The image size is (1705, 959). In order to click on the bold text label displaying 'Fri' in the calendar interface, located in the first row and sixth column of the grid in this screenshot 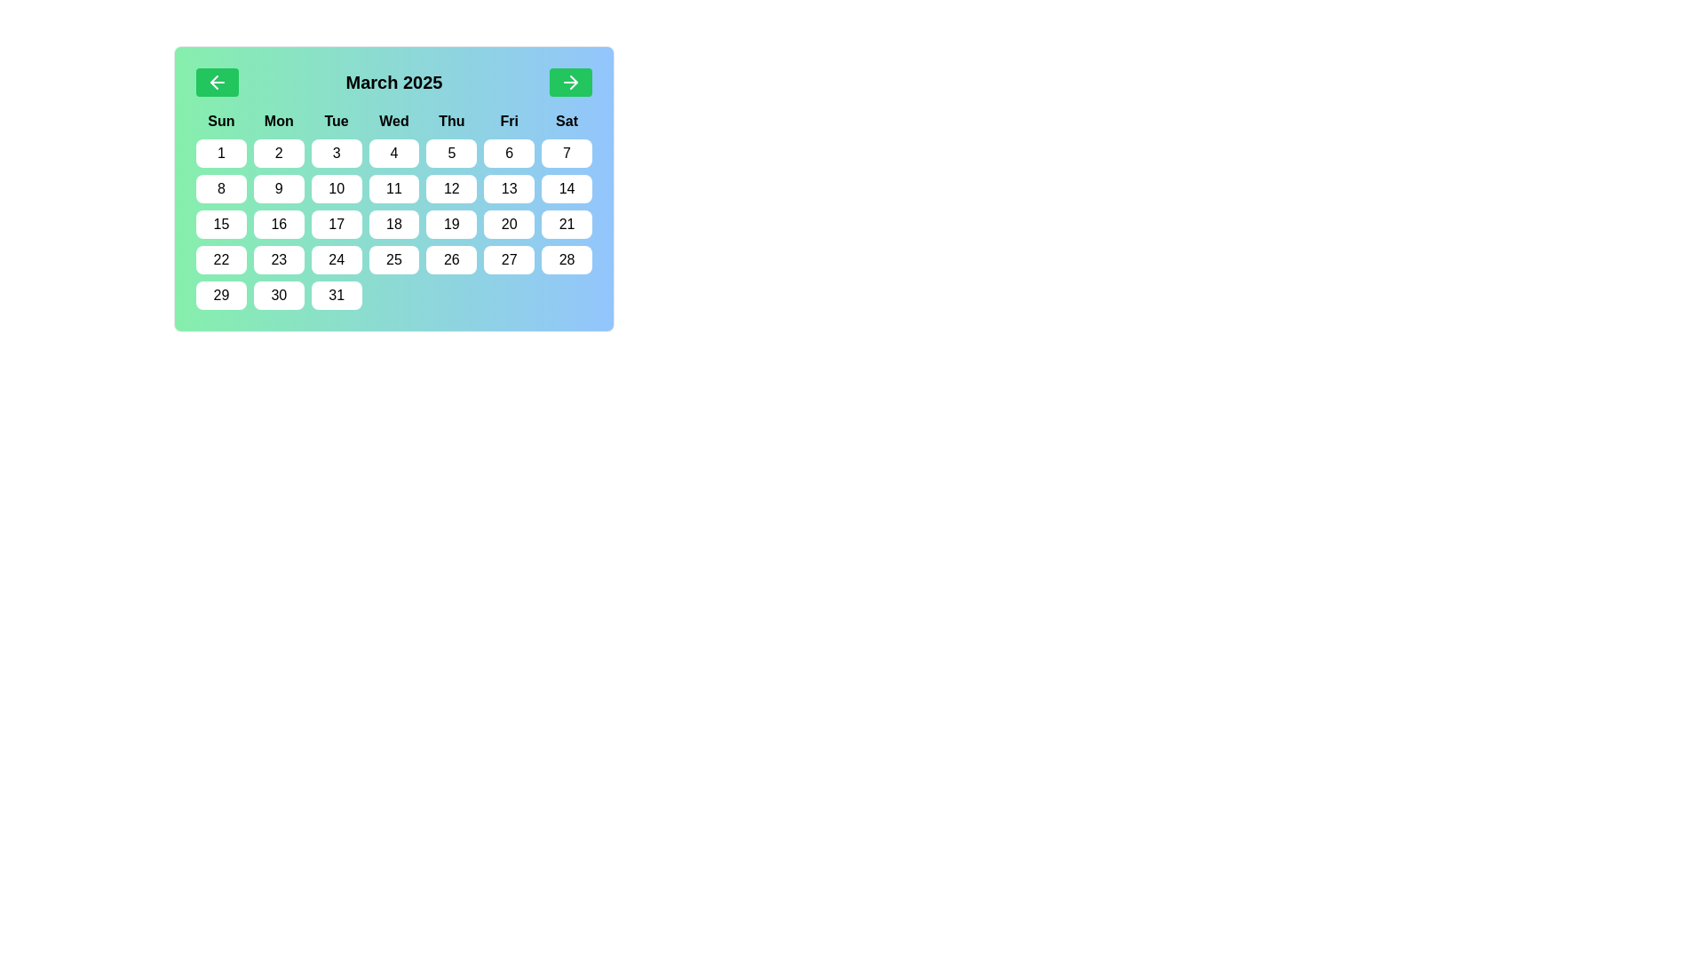, I will do `click(508, 121)`.